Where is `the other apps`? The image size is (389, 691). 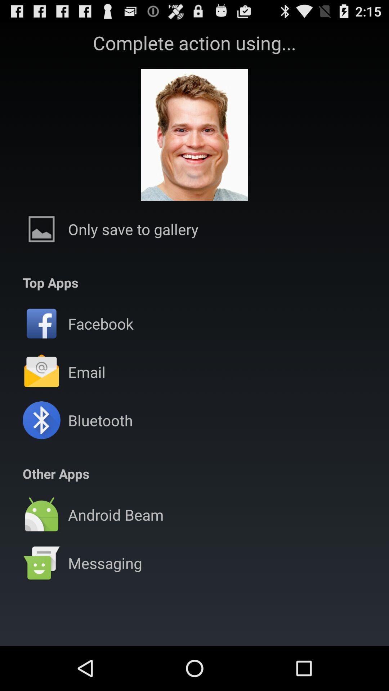 the other apps is located at coordinates (55, 474).